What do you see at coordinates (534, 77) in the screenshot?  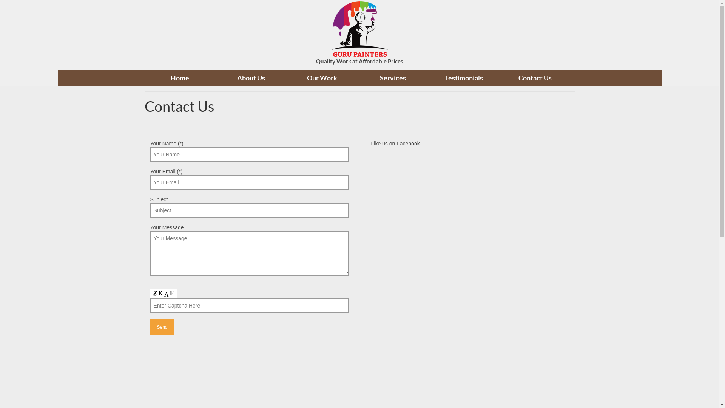 I see `'Contact Us'` at bounding box center [534, 77].